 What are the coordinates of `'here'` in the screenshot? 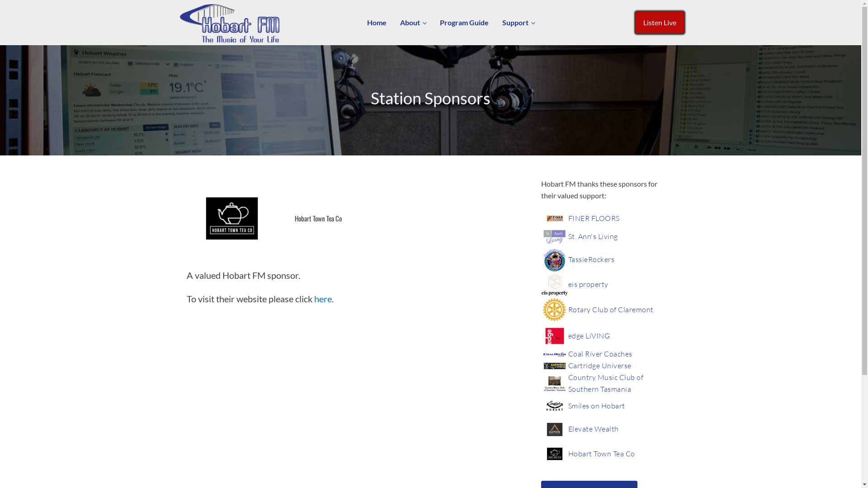 It's located at (314, 298).